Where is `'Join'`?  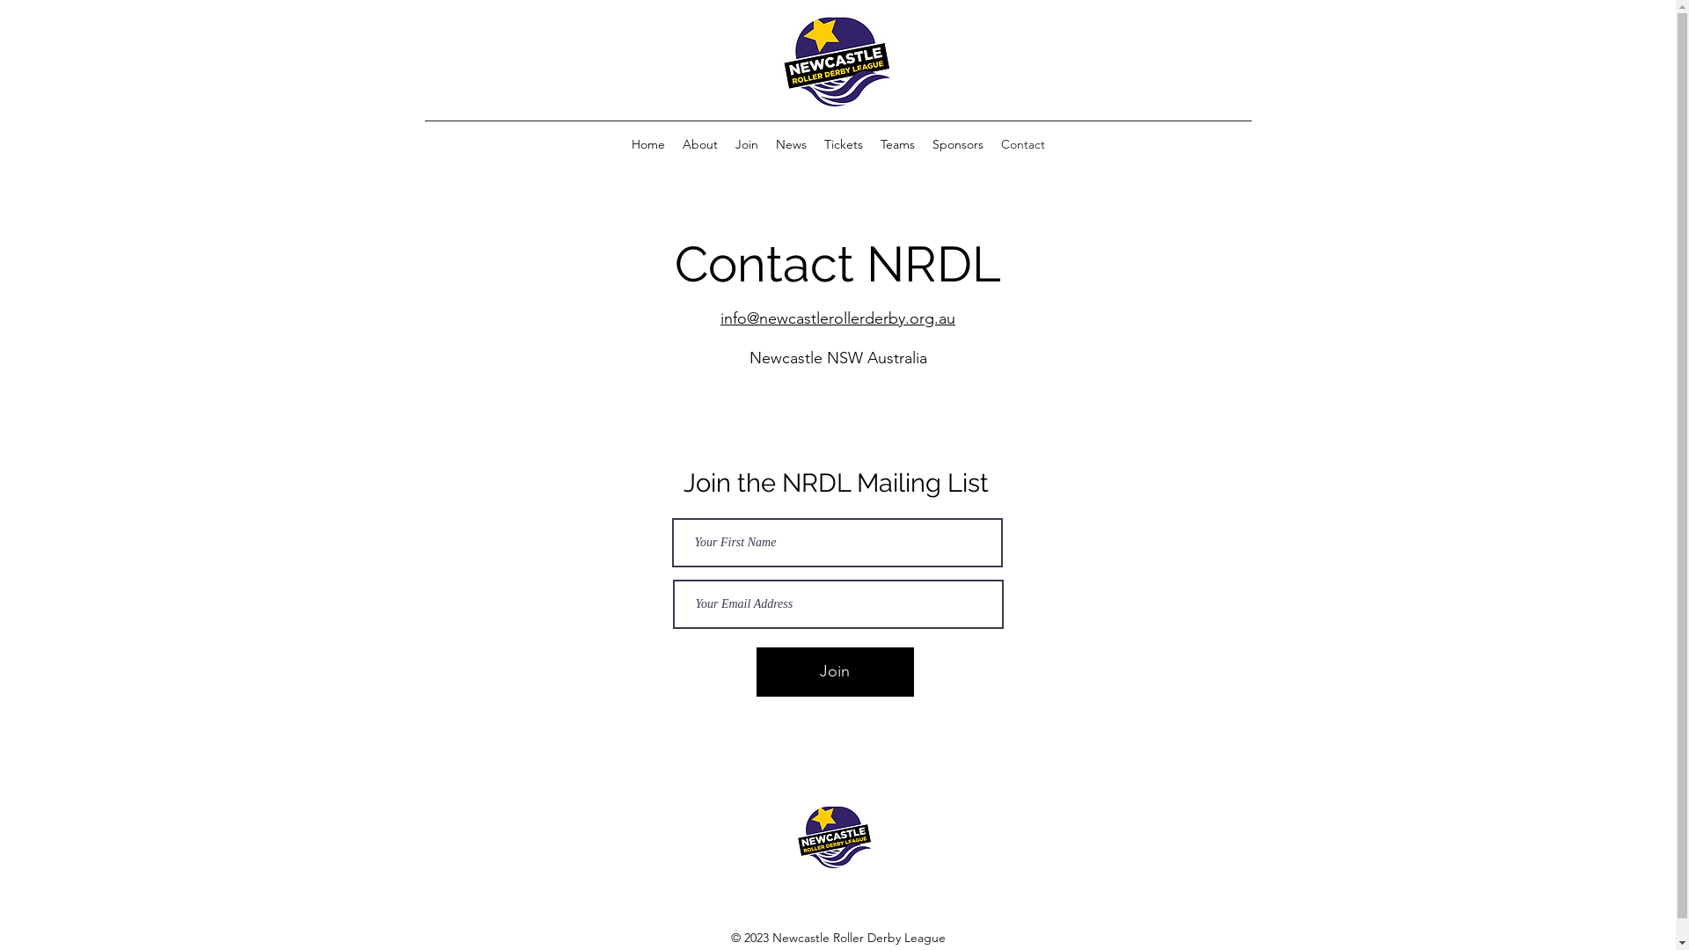 'Join' is located at coordinates (756, 671).